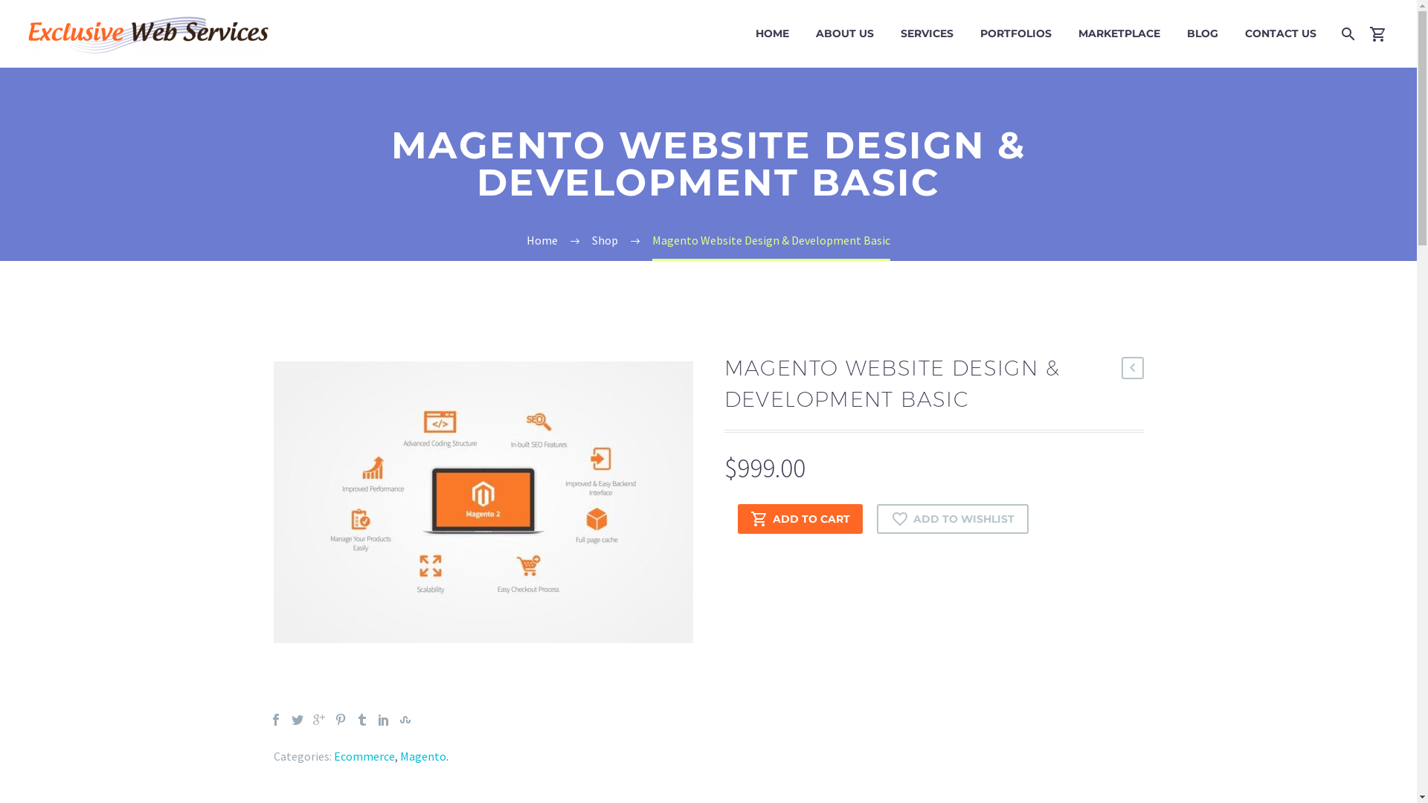 This screenshot has width=1428, height=803. What do you see at coordinates (404, 719) in the screenshot?
I see `'StumbleUpon'` at bounding box center [404, 719].